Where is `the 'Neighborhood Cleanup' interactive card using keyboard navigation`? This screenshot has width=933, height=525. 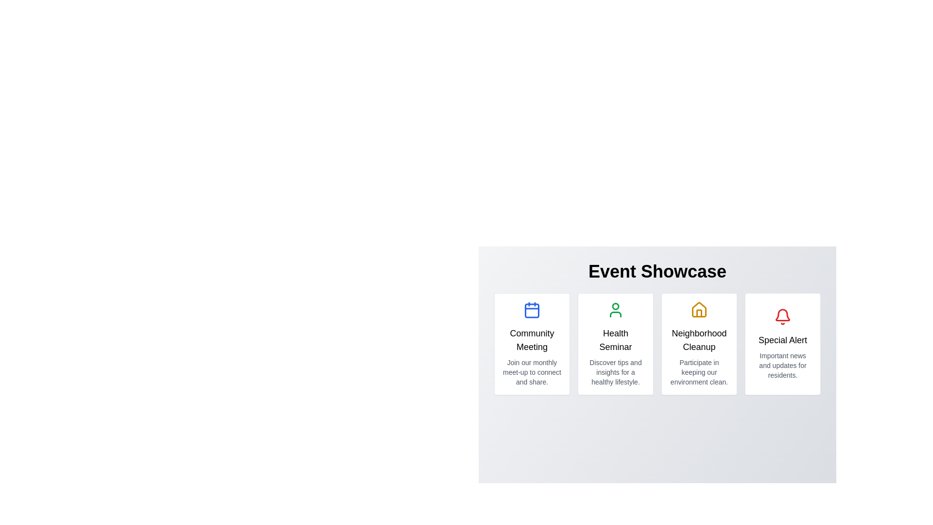 the 'Neighborhood Cleanup' interactive card using keyboard navigation is located at coordinates (699, 344).